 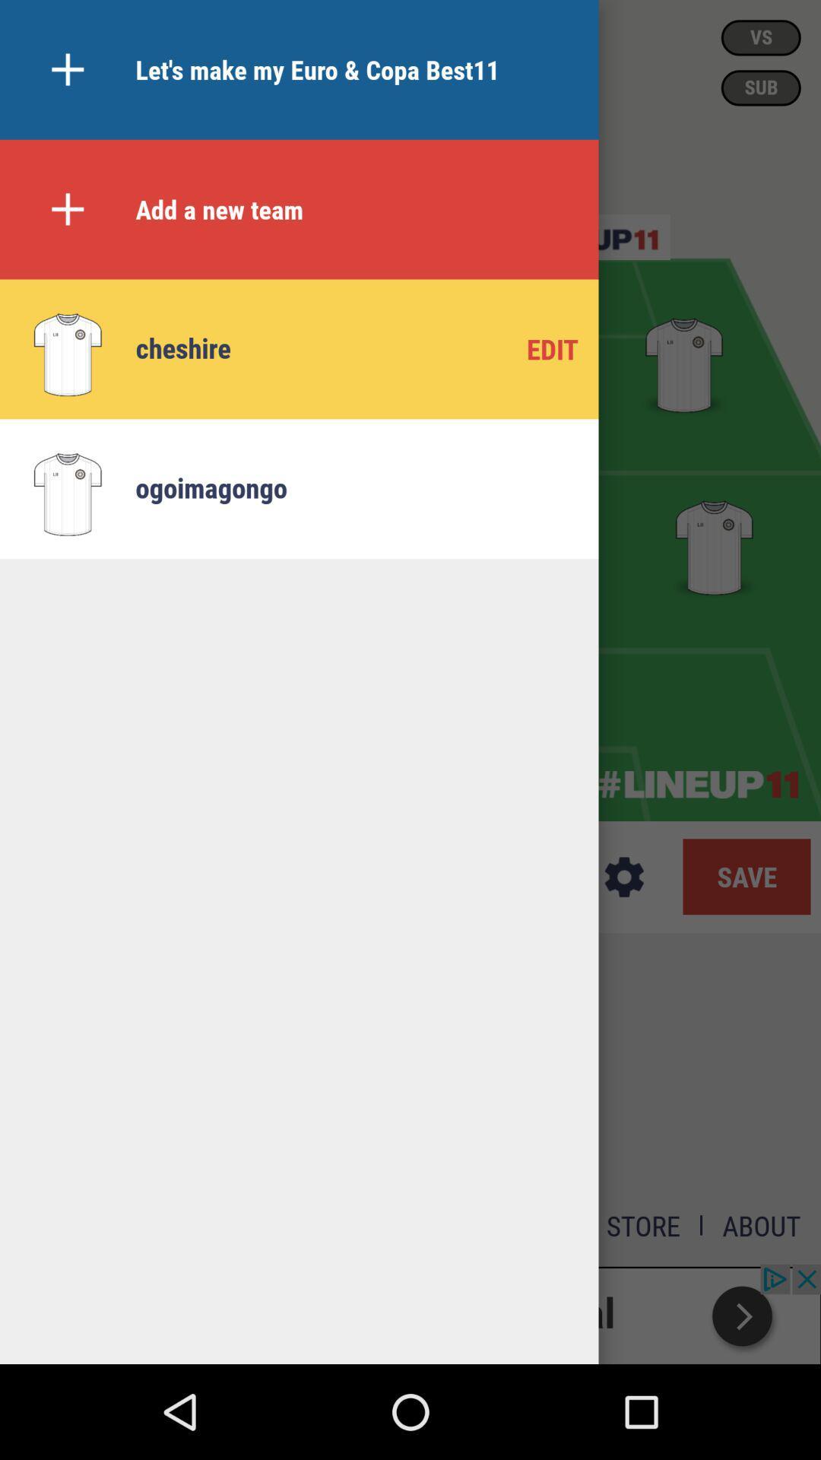 I want to click on the settings icon, so click(x=624, y=877).